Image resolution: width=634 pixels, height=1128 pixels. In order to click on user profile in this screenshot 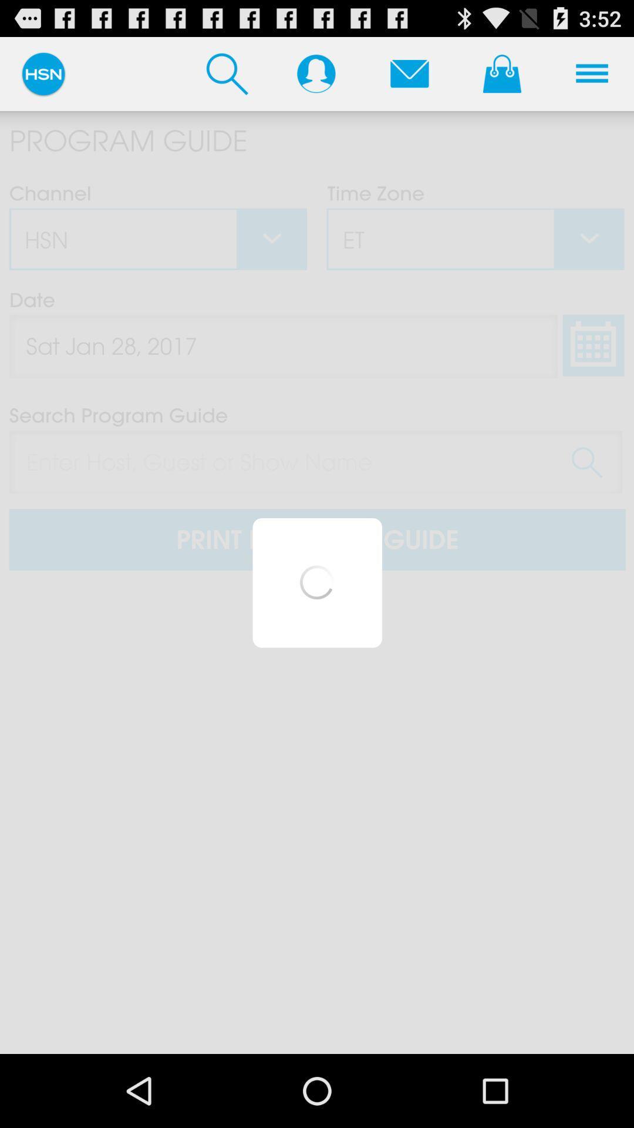, I will do `click(315, 73)`.